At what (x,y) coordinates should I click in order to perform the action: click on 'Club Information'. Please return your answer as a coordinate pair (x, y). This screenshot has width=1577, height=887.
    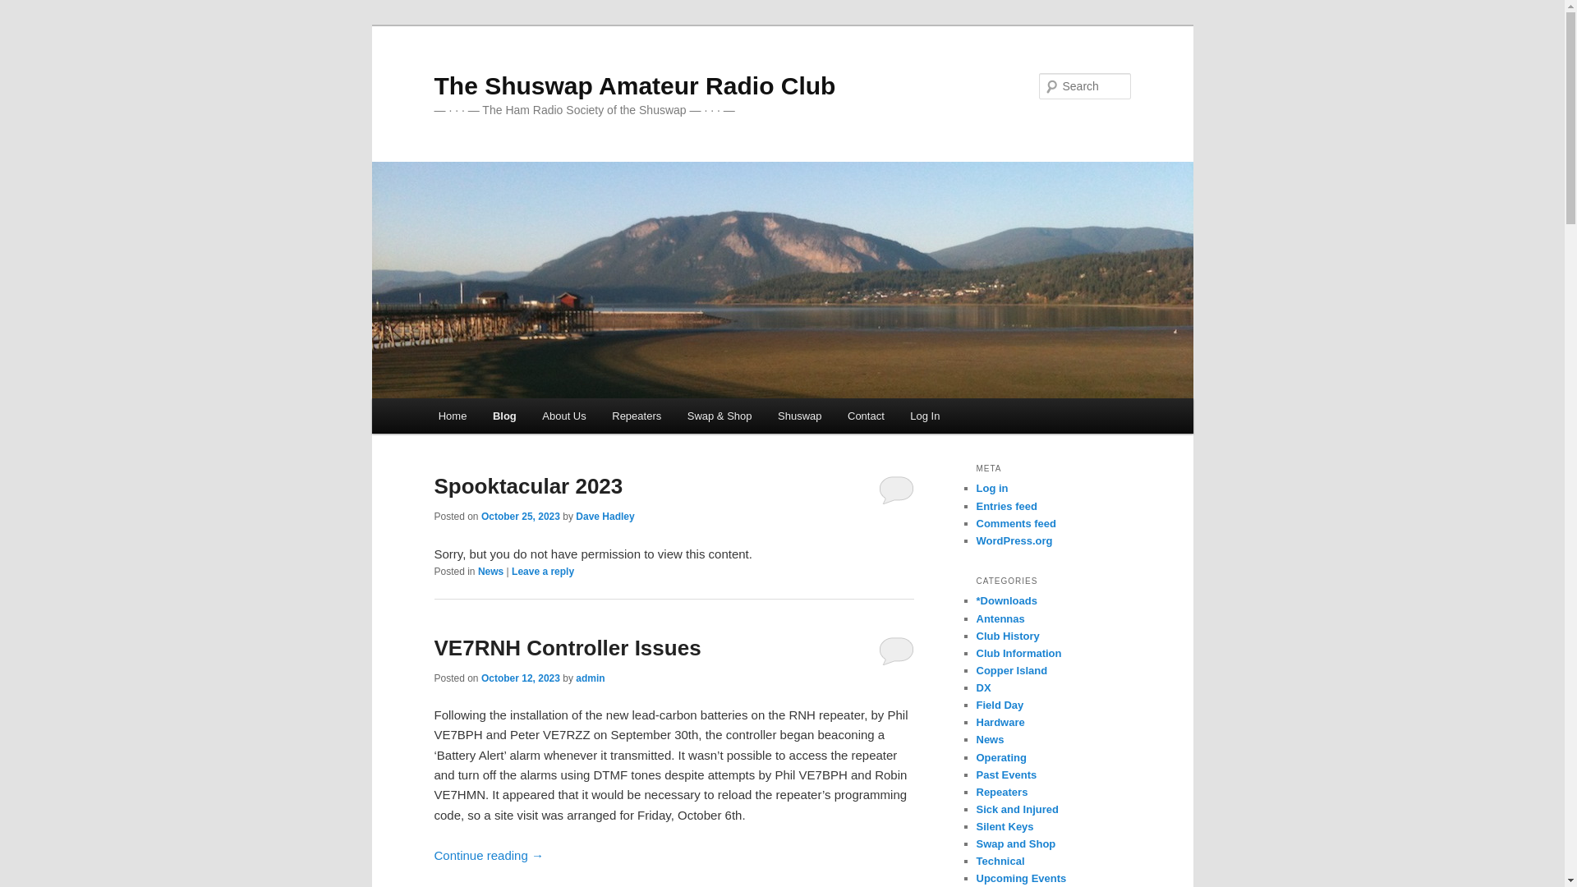
    Looking at the image, I should click on (1017, 652).